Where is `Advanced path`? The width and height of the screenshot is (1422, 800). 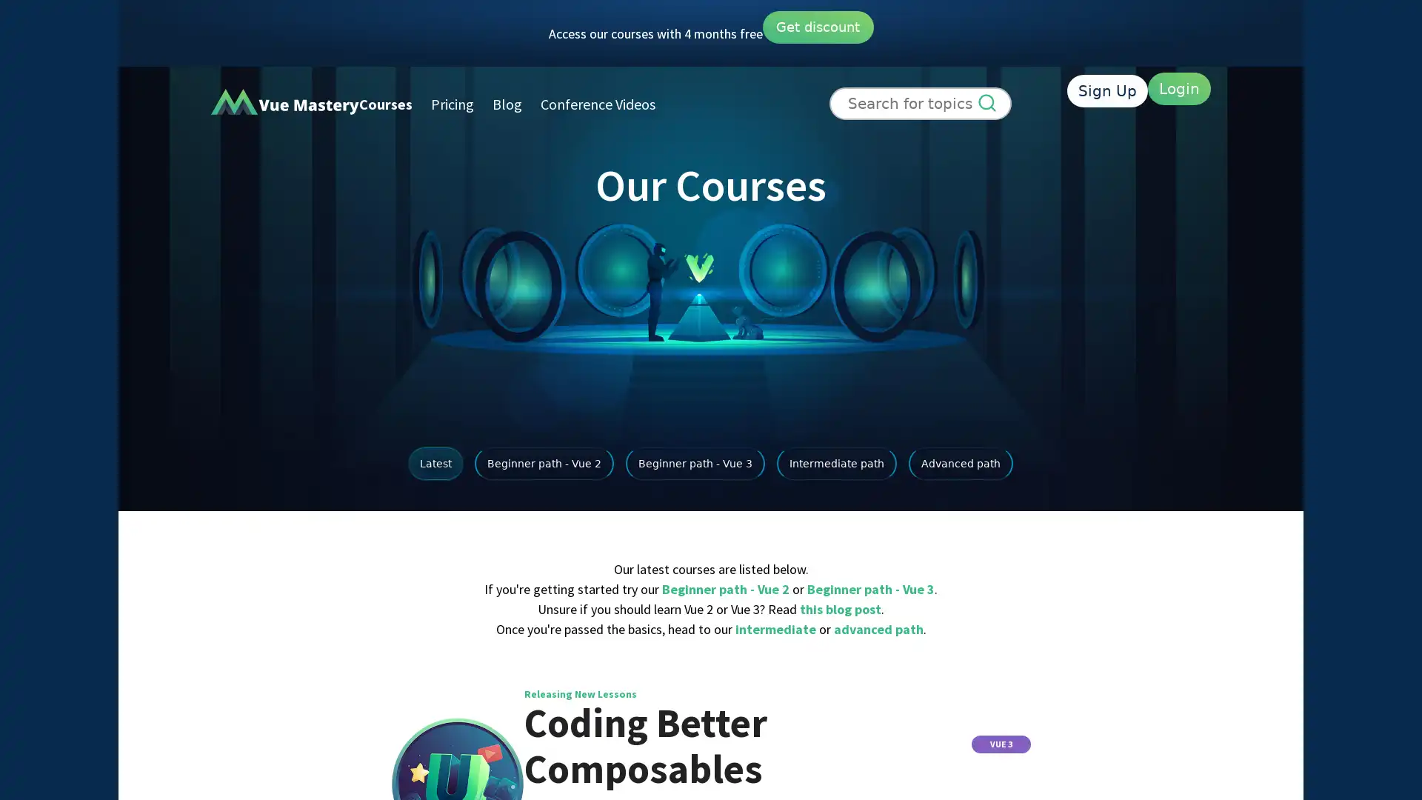 Advanced path is located at coordinates (1051, 462).